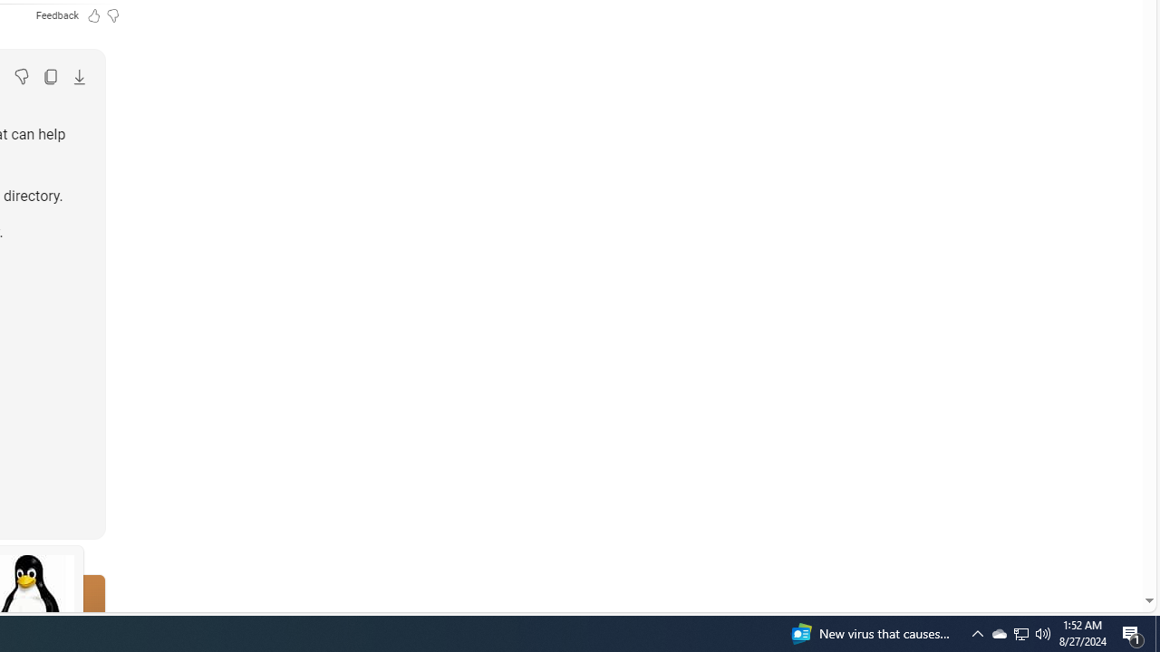  What do you see at coordinates (50, 75) in the screenshot?
I see `'Copy'` at bounding box center [50, 75].